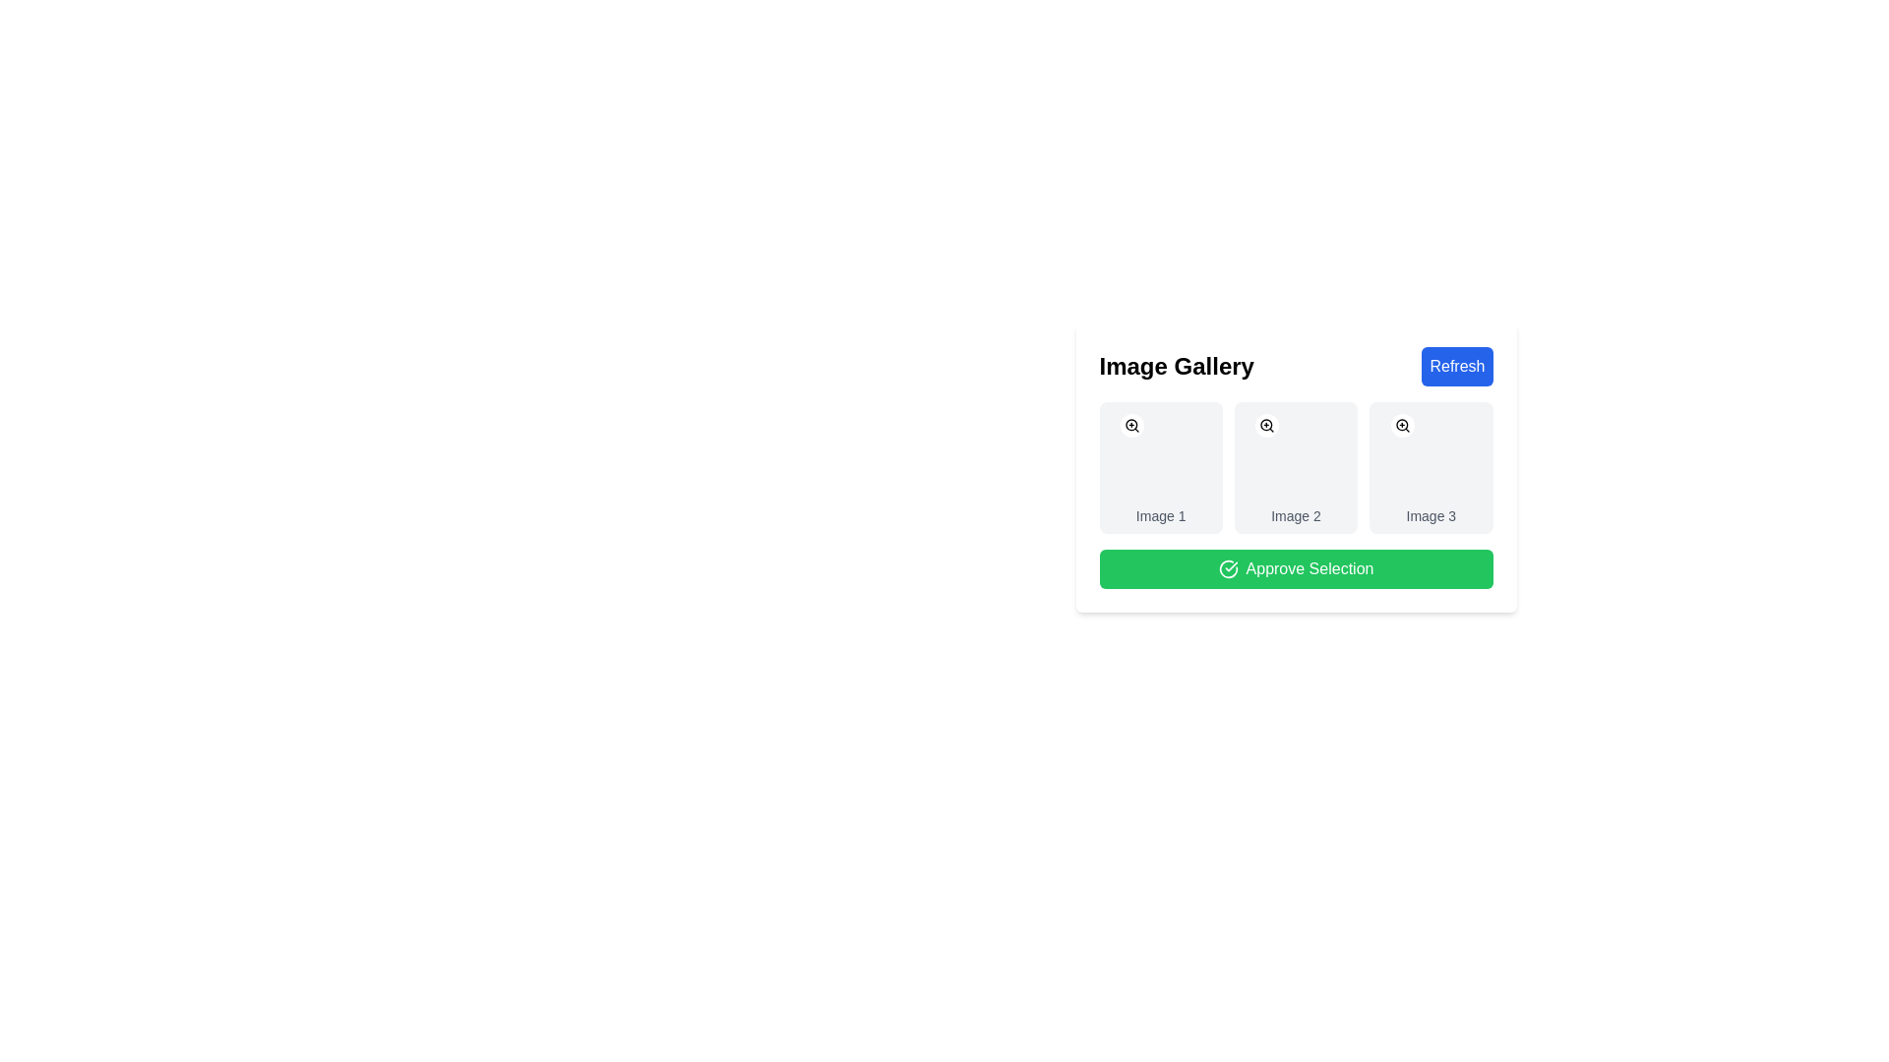  What do you see at coordinates (1132, 424) in the screenshot?
I see `the zoom-in icon button located at the top-left corner of the first image preview thumbnail` at bounding box center [1132, 424].